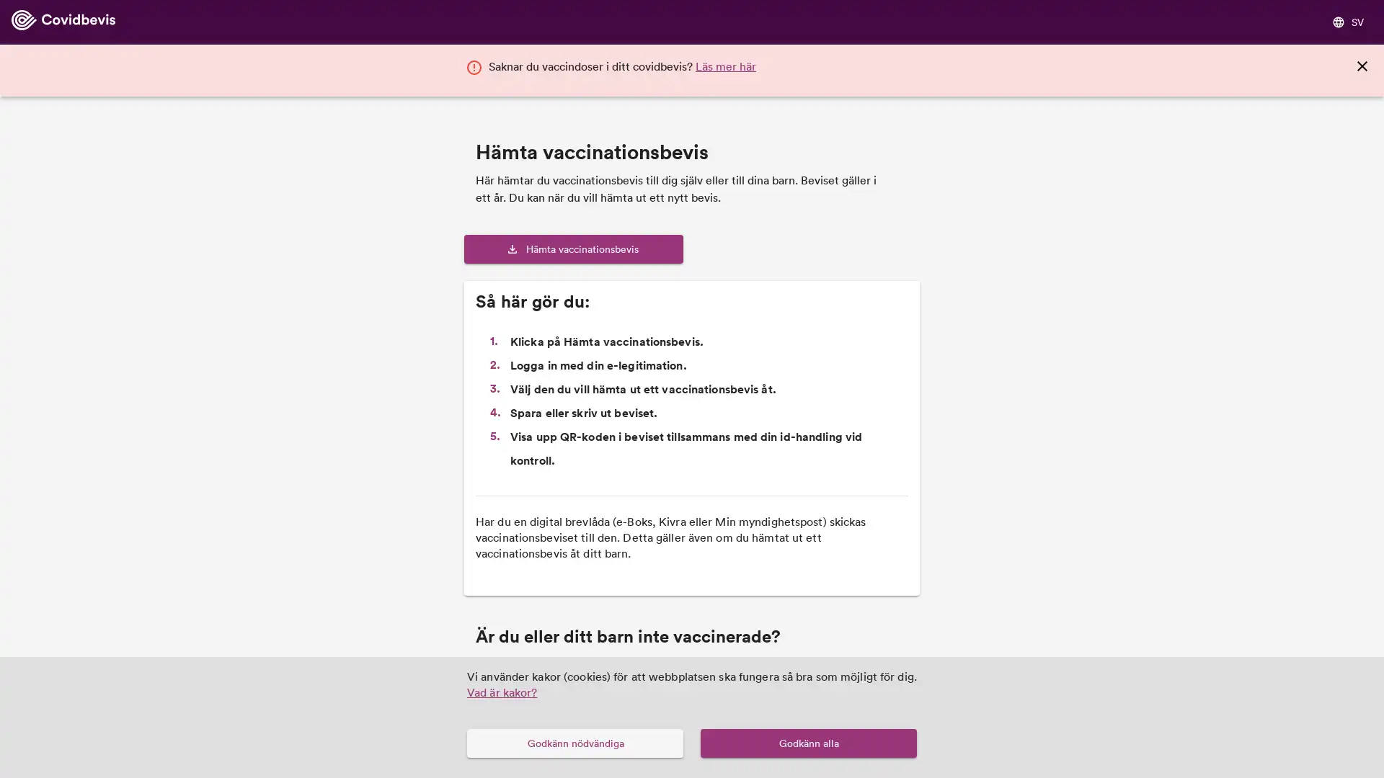  I want to click on Godkann nodvandiga, so click(574, 743).